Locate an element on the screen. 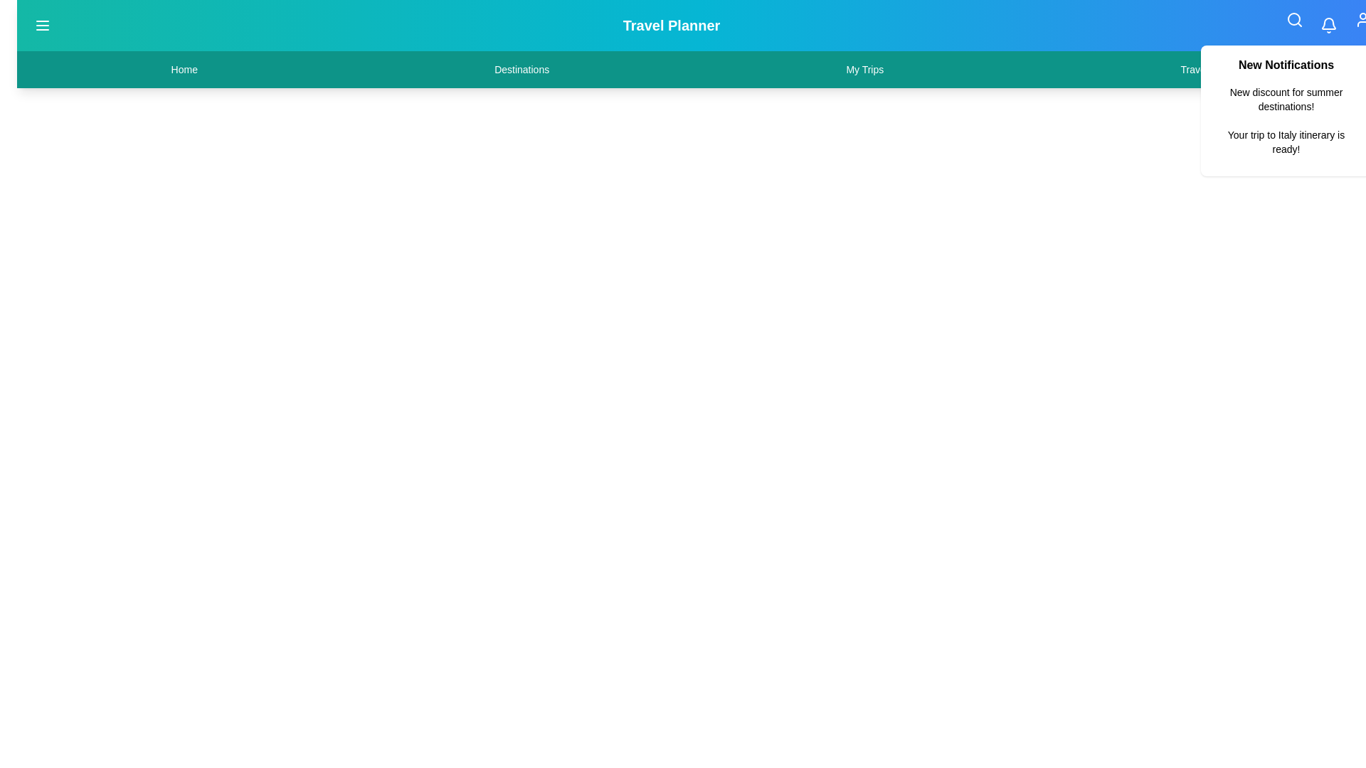 This screenshot has height=768, width=1366. the menu button to toggle the menu visibility is located at coordinates (42, 25).